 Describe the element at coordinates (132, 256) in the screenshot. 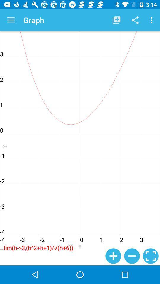

I see `the minus icon` at that location.